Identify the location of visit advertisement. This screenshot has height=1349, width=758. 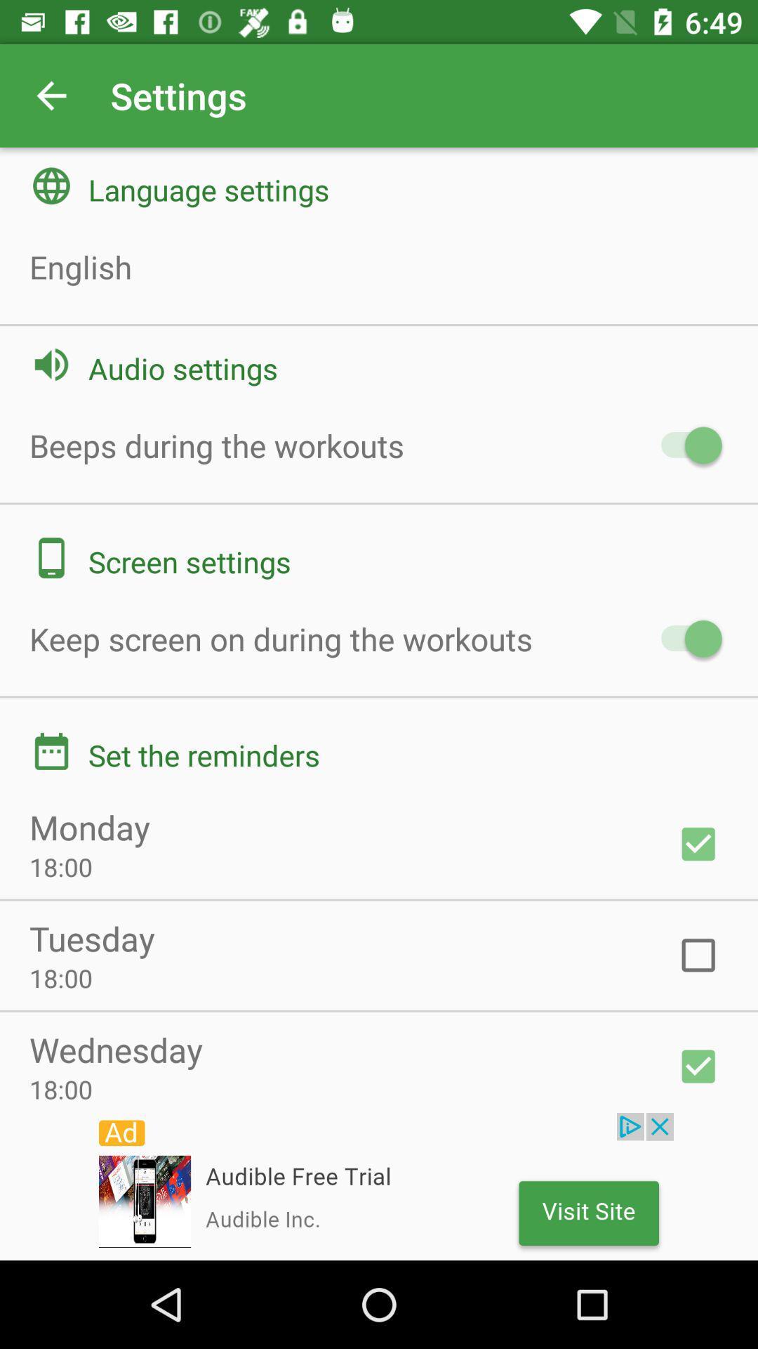
(379, 1186).